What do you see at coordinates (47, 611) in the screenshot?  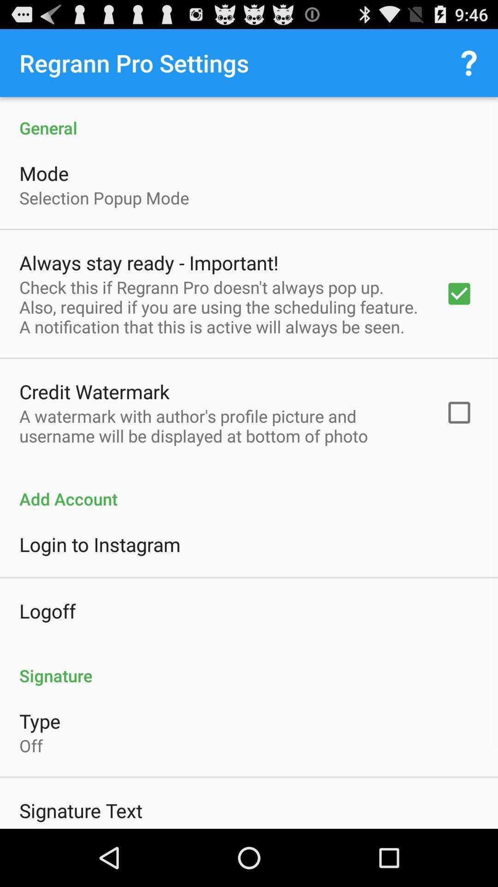 I see `the logoff item` at bounding box center [47, 611].